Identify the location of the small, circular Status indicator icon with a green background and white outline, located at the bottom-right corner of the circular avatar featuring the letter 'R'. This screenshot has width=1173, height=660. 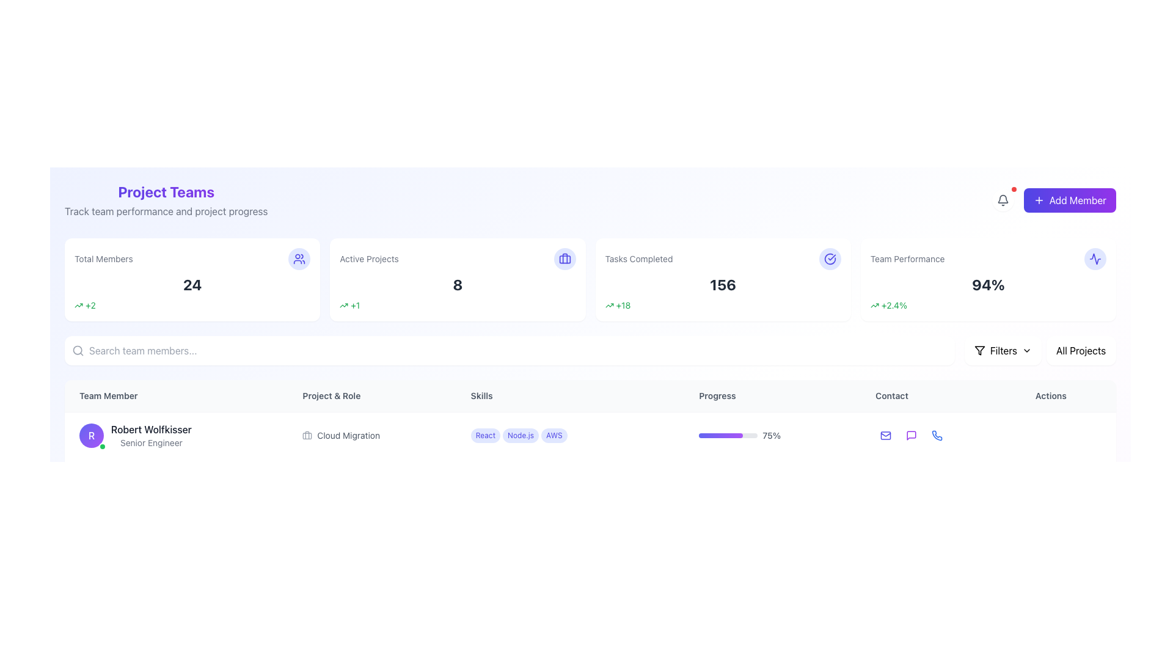
(103, 447).